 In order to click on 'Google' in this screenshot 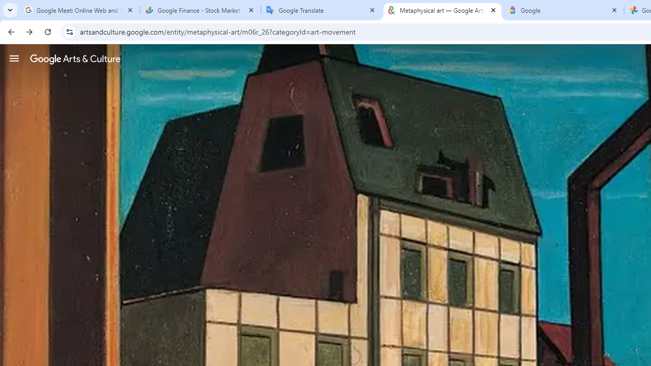, I will do `click(563, 10)`.